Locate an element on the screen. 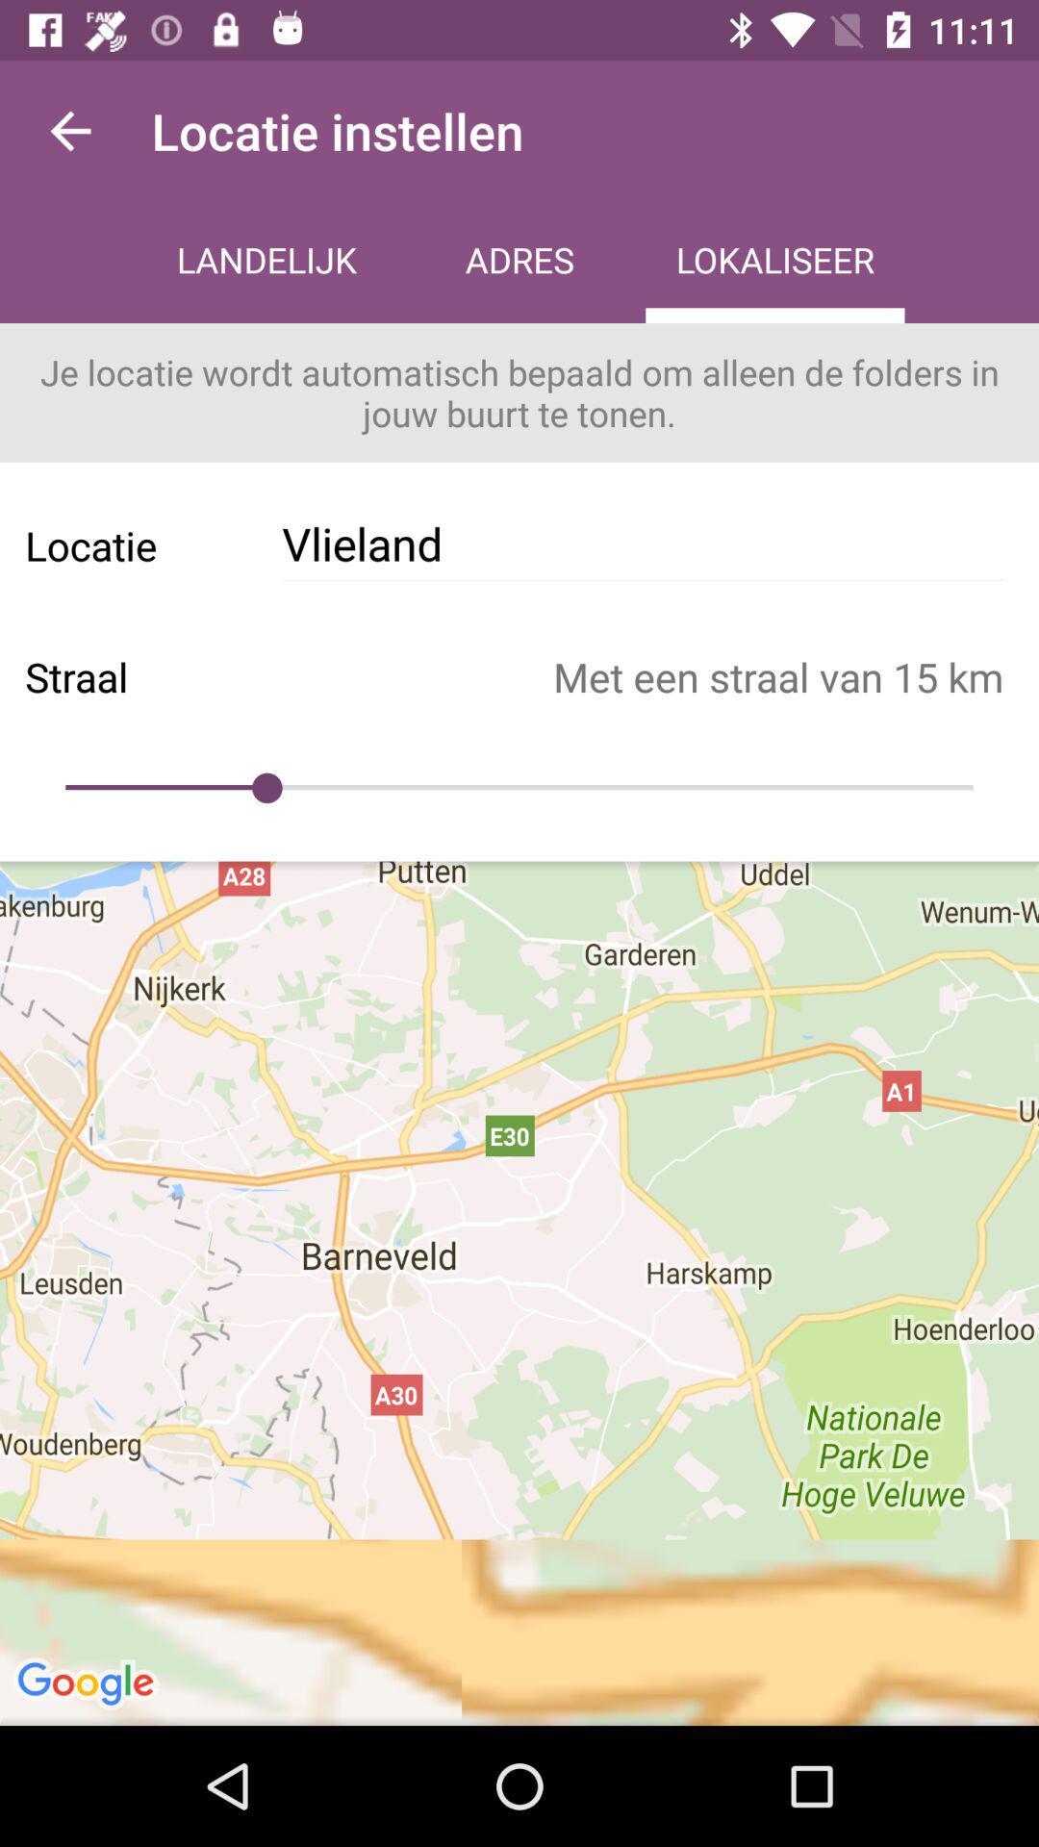  icon above the je locatie wordt icon is located at coordinates (773, 262).